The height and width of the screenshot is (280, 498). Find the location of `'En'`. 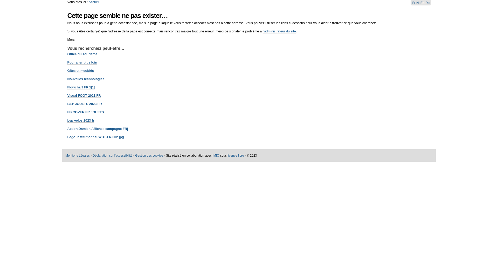

'En' is located at coordinates (423, 3).